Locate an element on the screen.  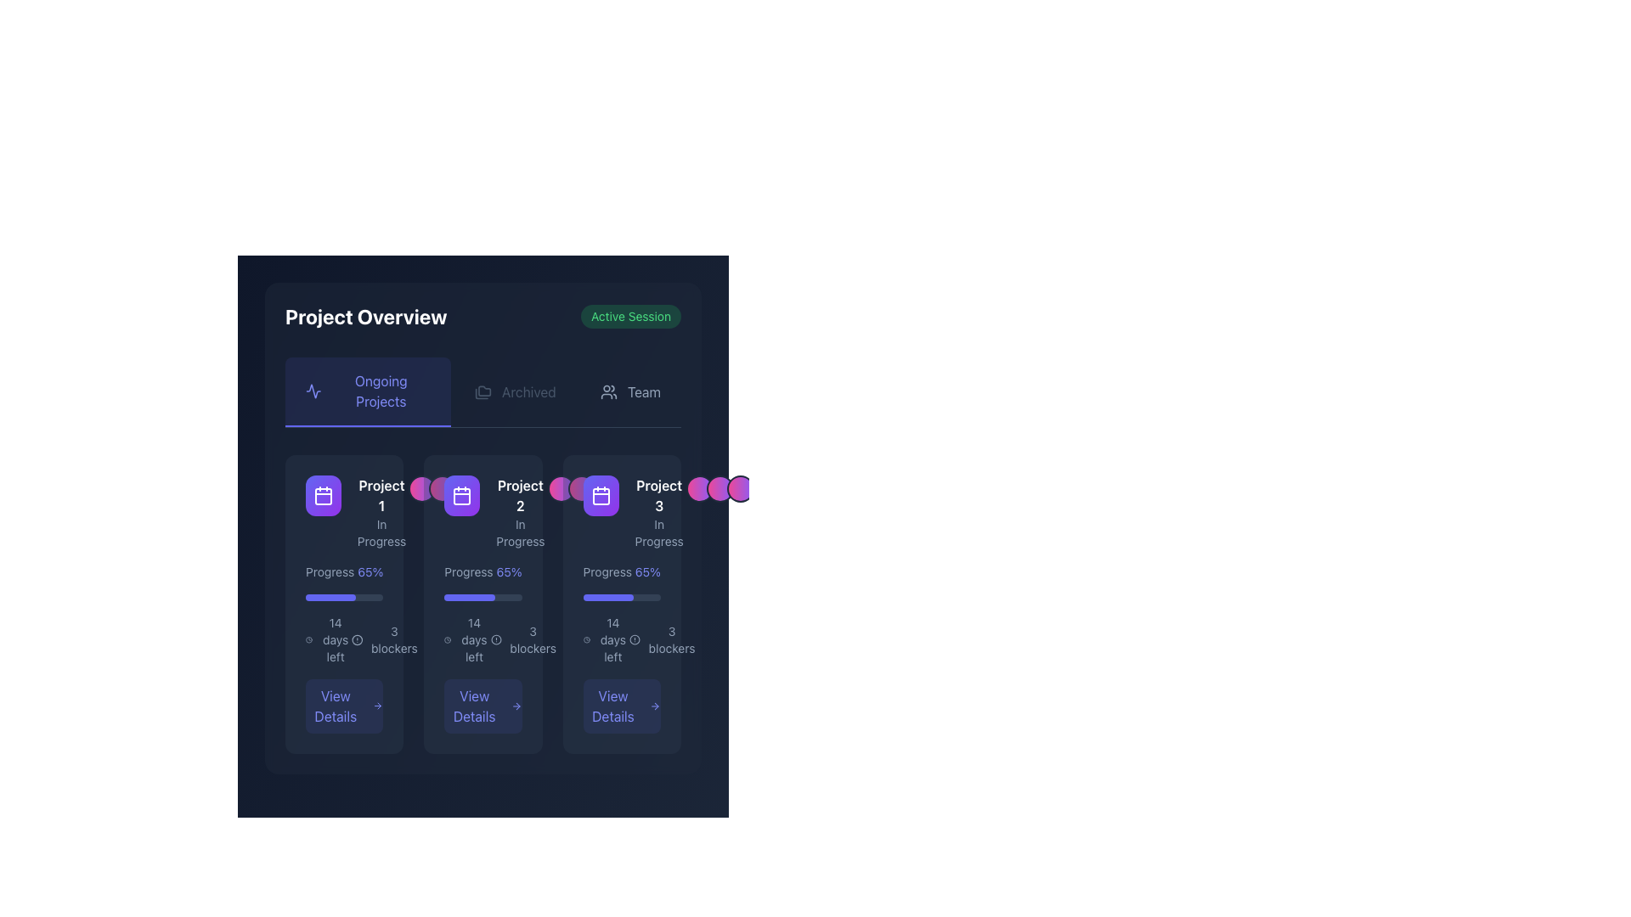
the 'View Details' button-like text link located at the bottom of the card for 'Project 1' is located at coordinates (336, 706).